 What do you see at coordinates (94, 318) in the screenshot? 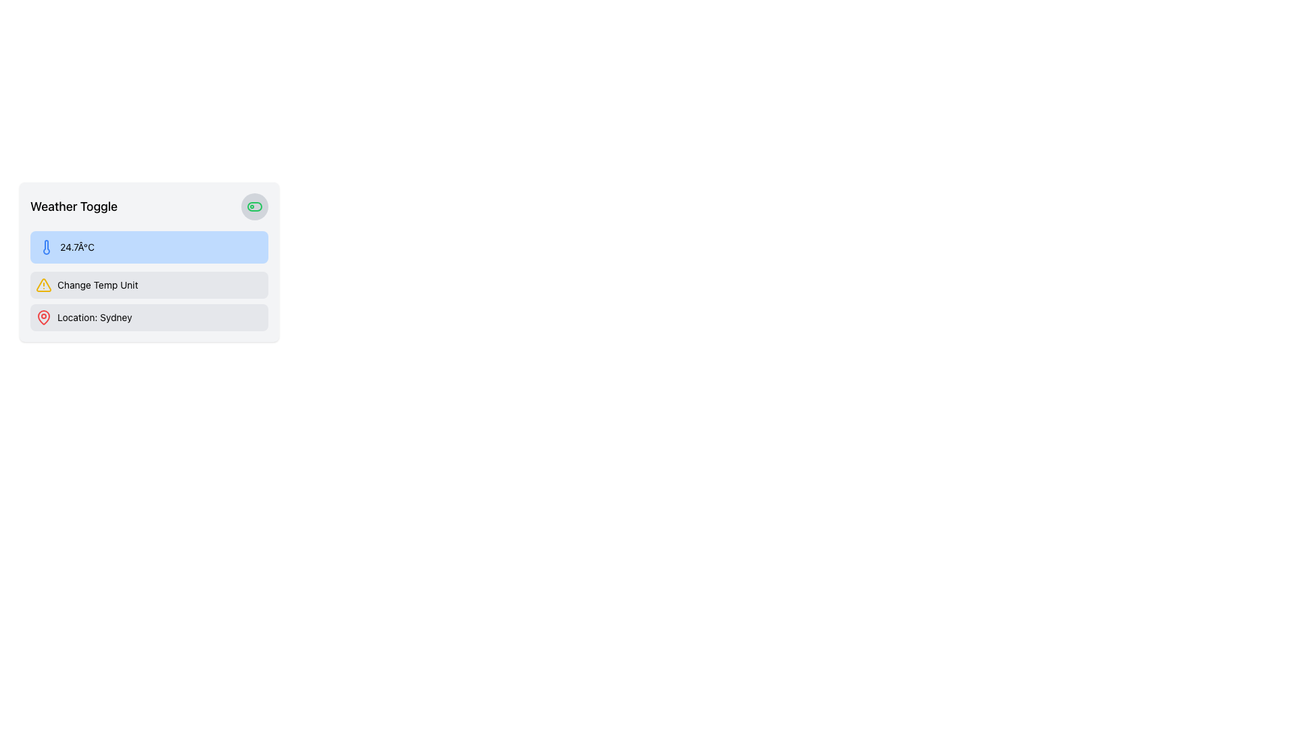
I see `the text label displaying 'Location: Sydney', which is centrally aligned within a weather information box at the bottom of the layout` at bounding box center [94, 318].